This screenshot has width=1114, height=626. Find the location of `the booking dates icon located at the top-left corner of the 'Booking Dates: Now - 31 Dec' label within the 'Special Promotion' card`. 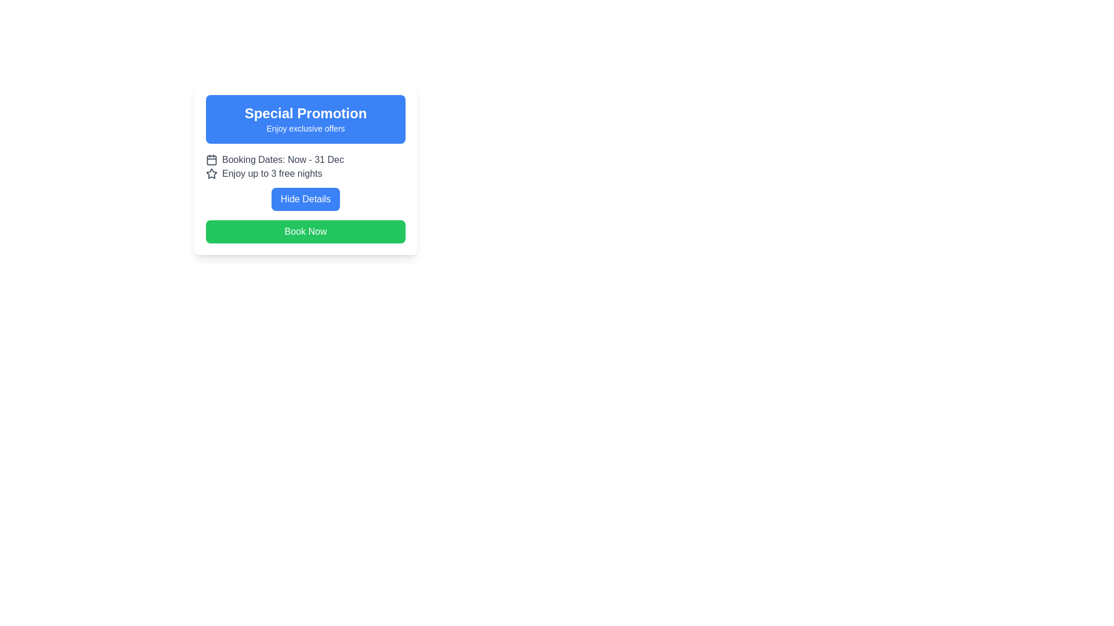

the booking dates icon located at the top-left corner of the 'Booking Dates: Now - 31 Dec' label within the 'Special Promotion' card is located at coordinates (211, 160).